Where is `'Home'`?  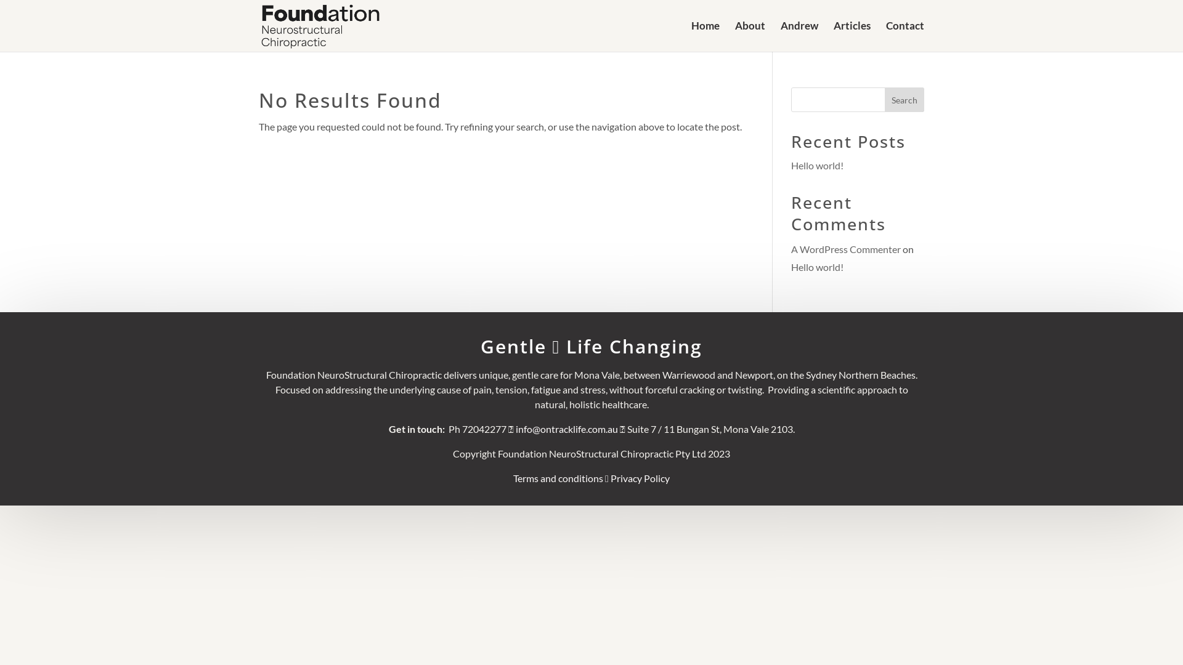 'Home' is located at coordinates (705, 36).